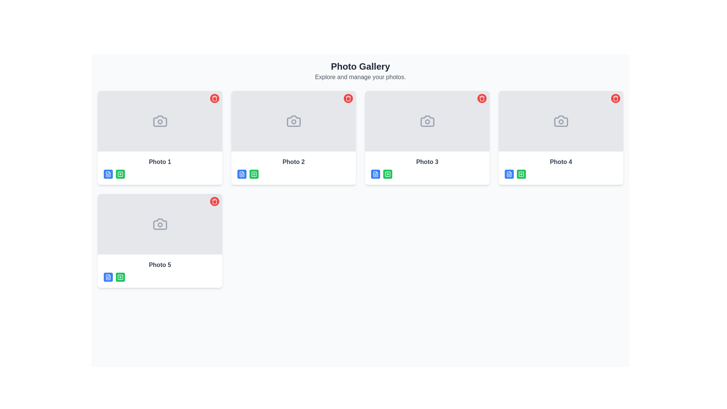  What do you see at coordinates (509, 174) in the screenshot?
I see `the small blue button with a document icon located below 'Photo 4' for keyboard navigation` at bounding box center [509, 174].